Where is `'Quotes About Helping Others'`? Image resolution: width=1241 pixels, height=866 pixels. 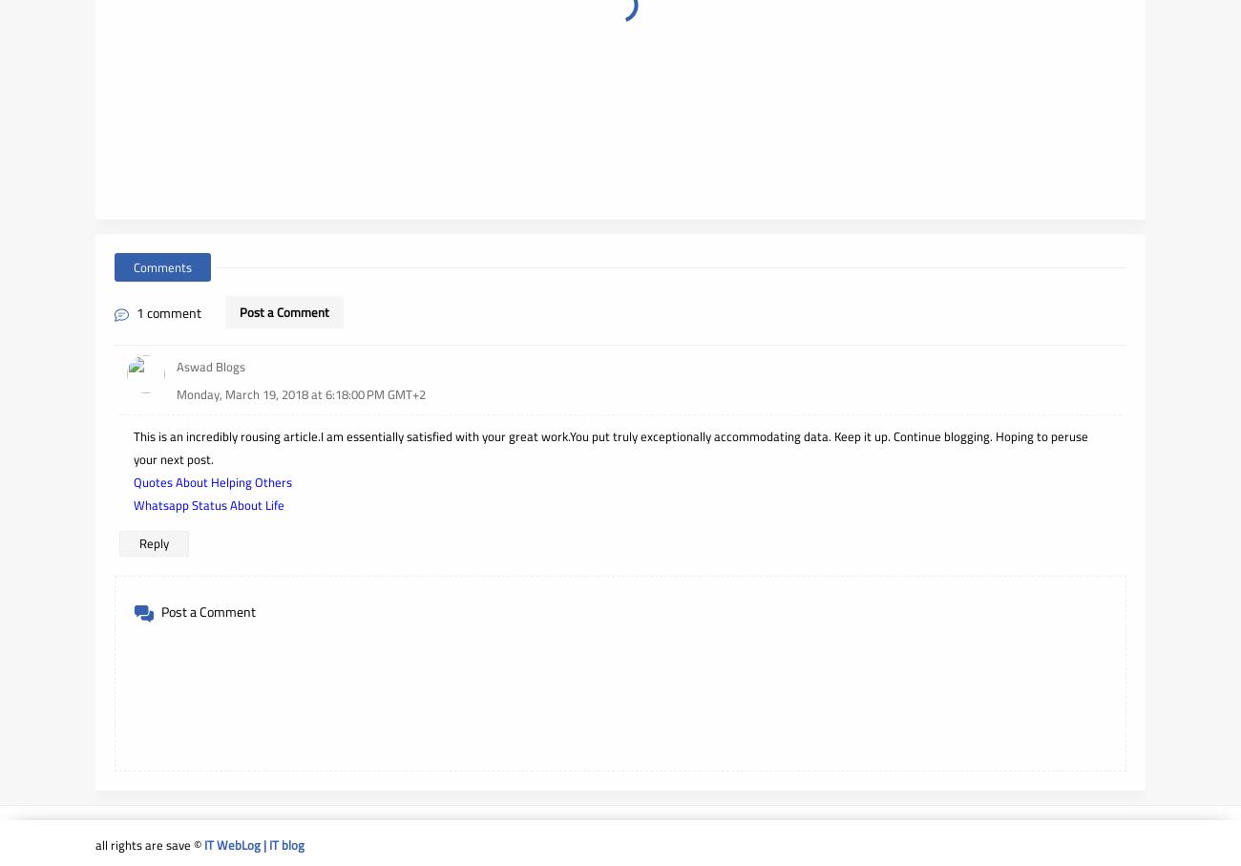
'Quotes About Helping Others' is located at coordinates (211, 481).